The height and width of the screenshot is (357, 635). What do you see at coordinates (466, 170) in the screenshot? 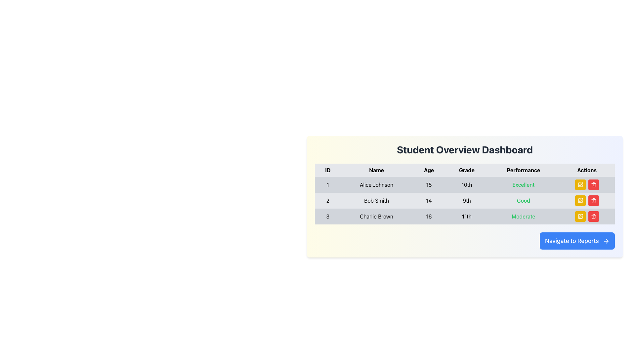
I see `the non-interactive Text label that serves as the fourth column header in the student data table, indicating the grade information of students` at bounding box center [466, 170].